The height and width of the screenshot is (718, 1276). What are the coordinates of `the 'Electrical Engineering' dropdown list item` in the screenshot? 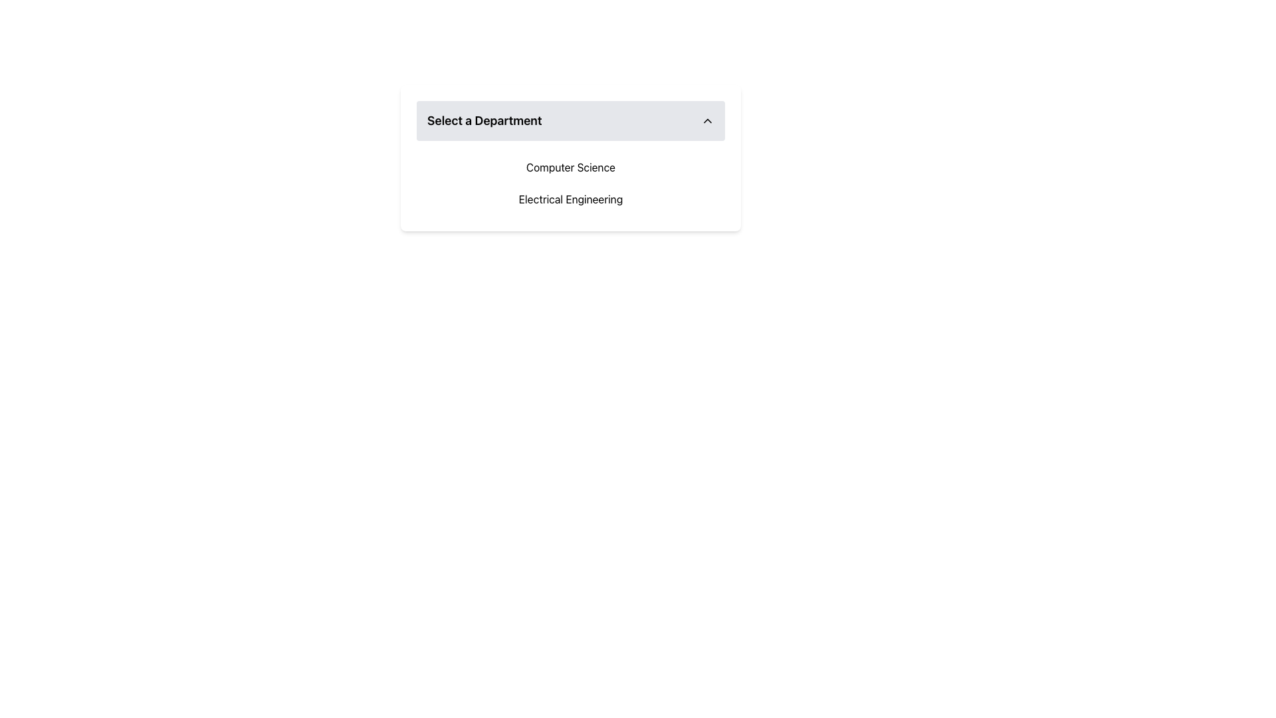 It's located at (571, 199).